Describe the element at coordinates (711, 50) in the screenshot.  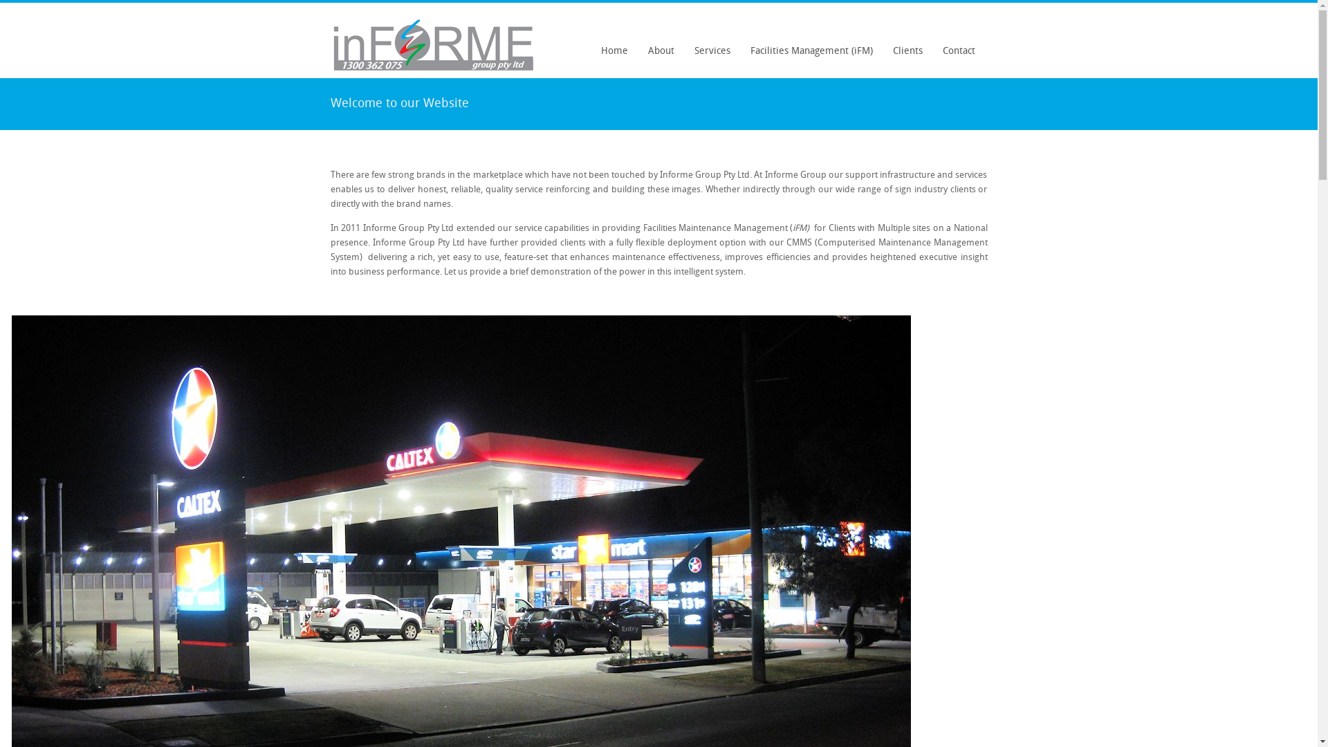
I see `'Services'` at that location.